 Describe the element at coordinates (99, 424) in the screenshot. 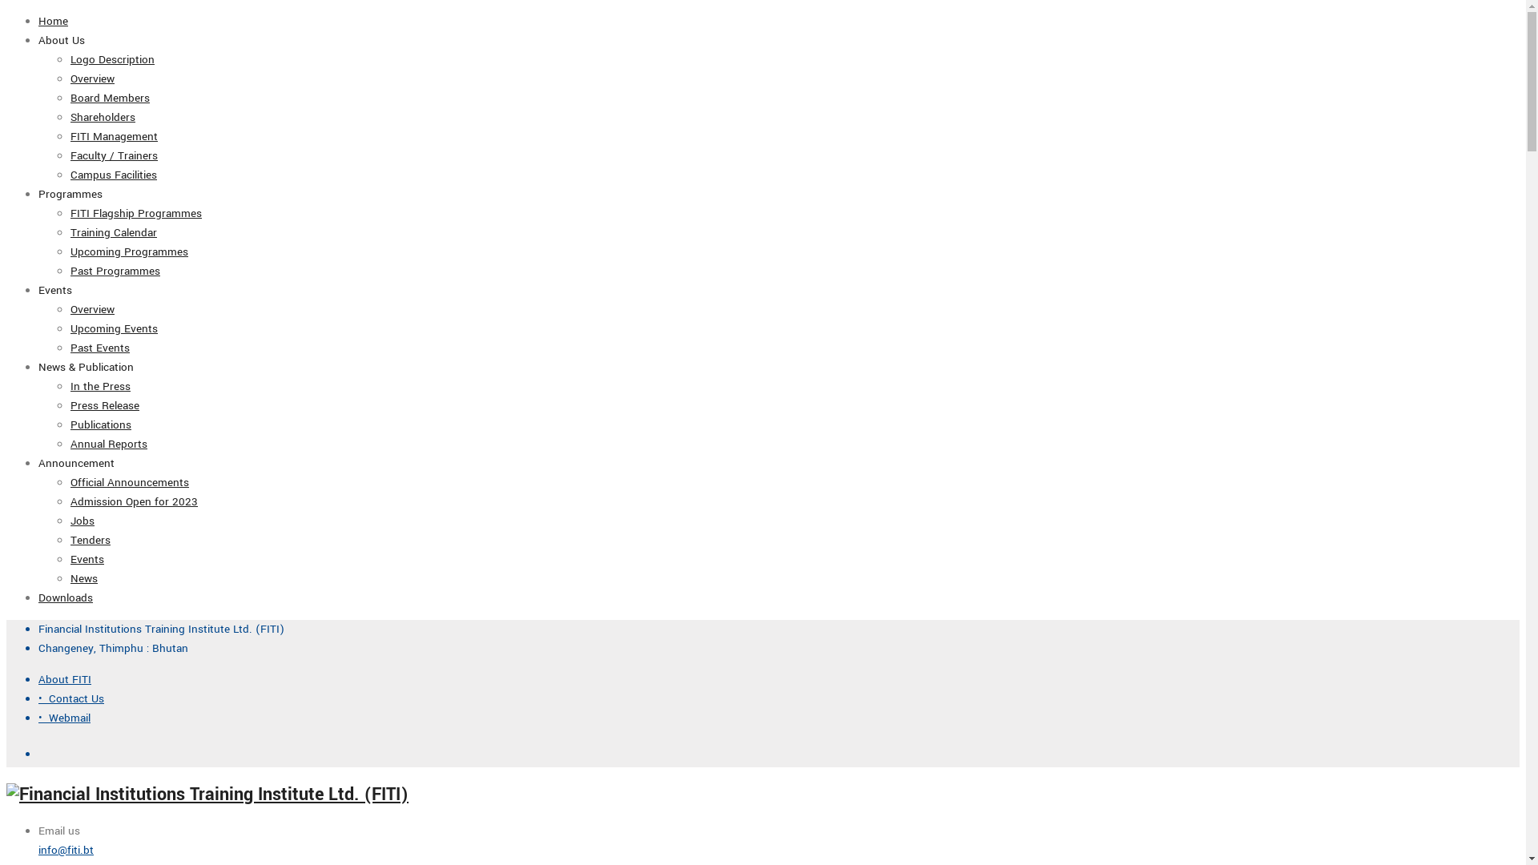

I see `'Publications'` at that location.